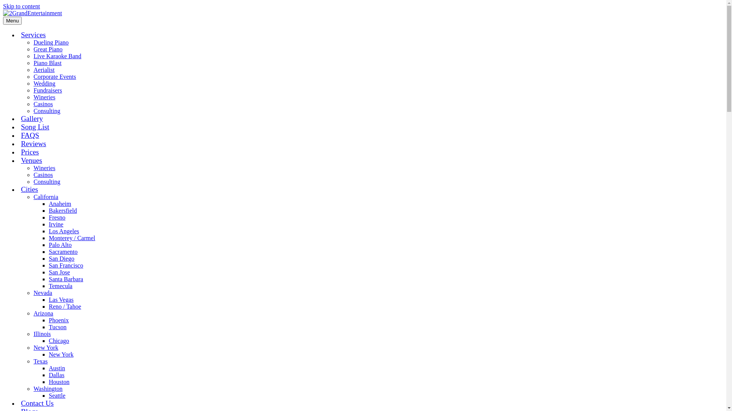 The image size is (732, 411). Describe the element at coordinates (56, 217) in the screenshot. I see `'Fresno'` at that location.